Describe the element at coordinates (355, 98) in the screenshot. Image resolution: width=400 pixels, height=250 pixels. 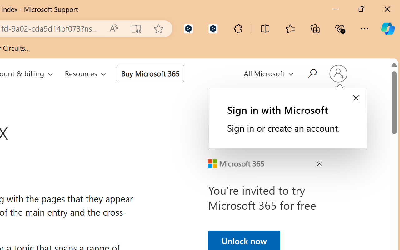
I see `'Close callout prompt.'` at that location.